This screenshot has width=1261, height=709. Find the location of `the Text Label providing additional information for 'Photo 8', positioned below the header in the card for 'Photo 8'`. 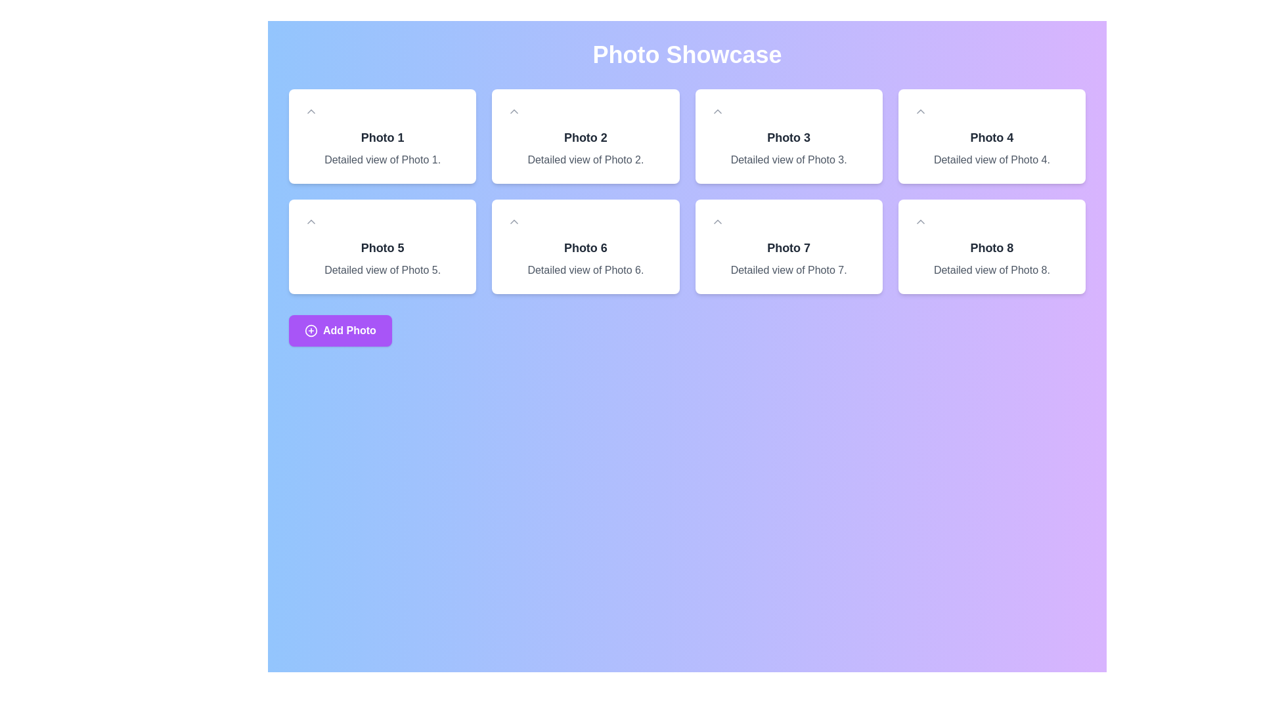

the Text Label providing additional information for 'Photo 8', positioned below the header in the card for 'Photo 8' is located at coordinates (992, 270).